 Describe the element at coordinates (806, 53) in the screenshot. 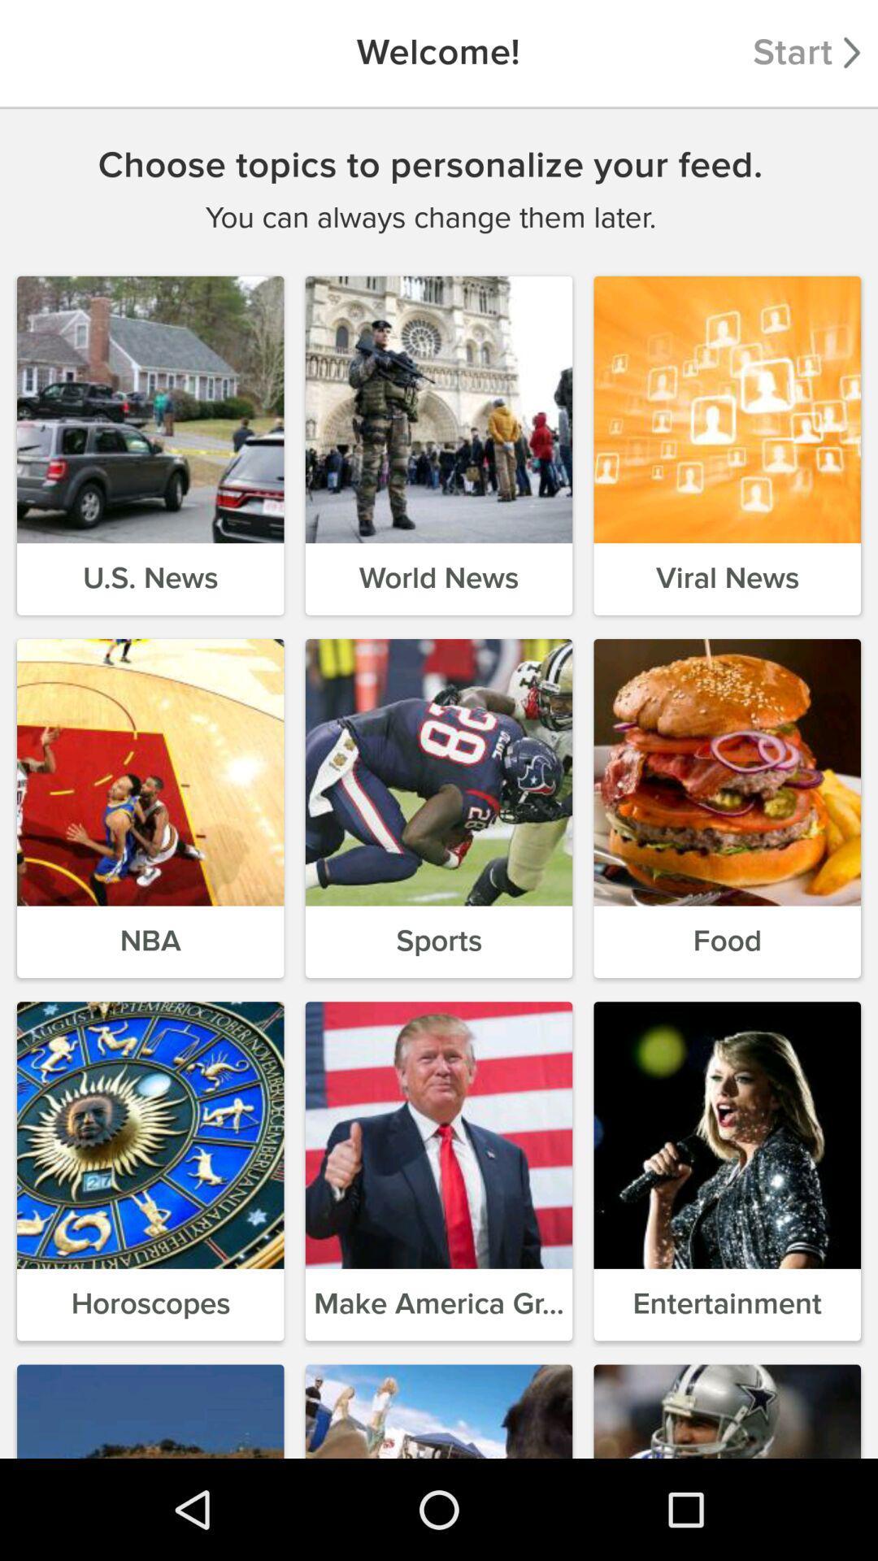

I see `the item next to the welcome! item` at that location.